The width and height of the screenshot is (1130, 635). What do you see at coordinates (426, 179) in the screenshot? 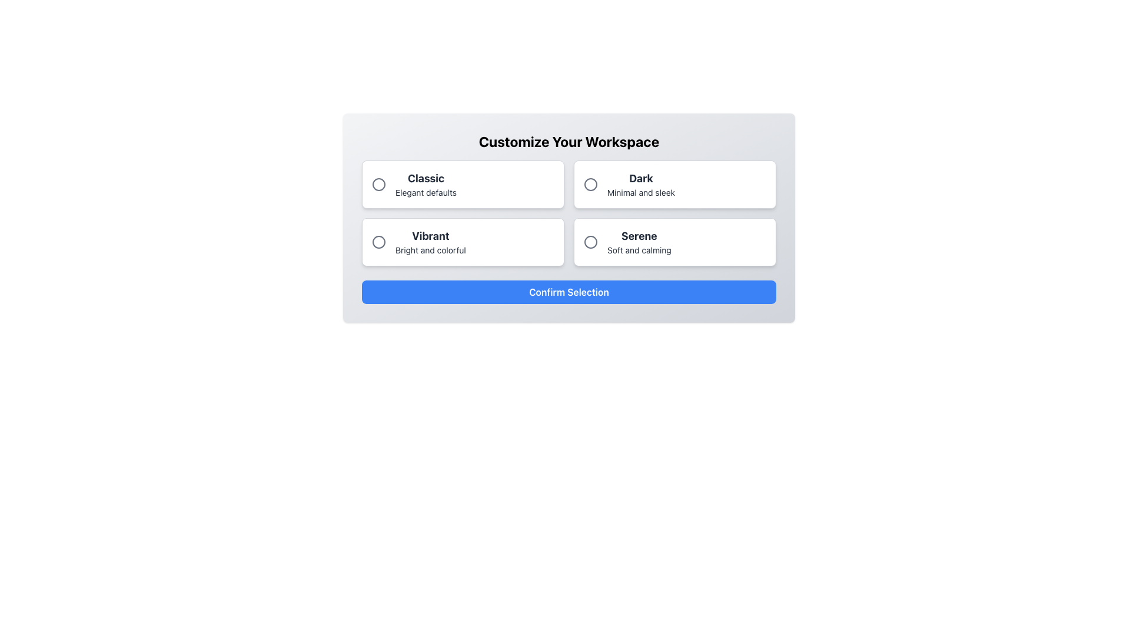
I see `the 'Classic' label which is styled in bold black font and positioned above the 'Elegant defaults' text in the top left corner of the grid layout` at bounding box center [426, 179].